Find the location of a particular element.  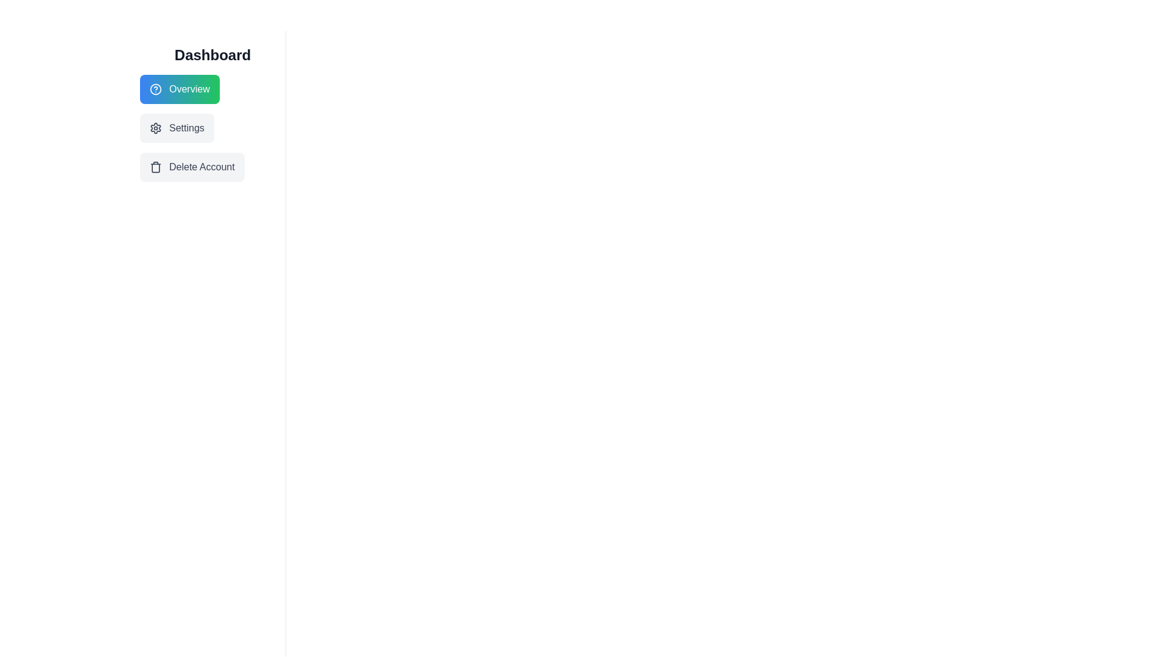

the 'Delete Account' button with a trash can icon in the sidebar menu to initiate account deletion is located at coordinates (191, 167).